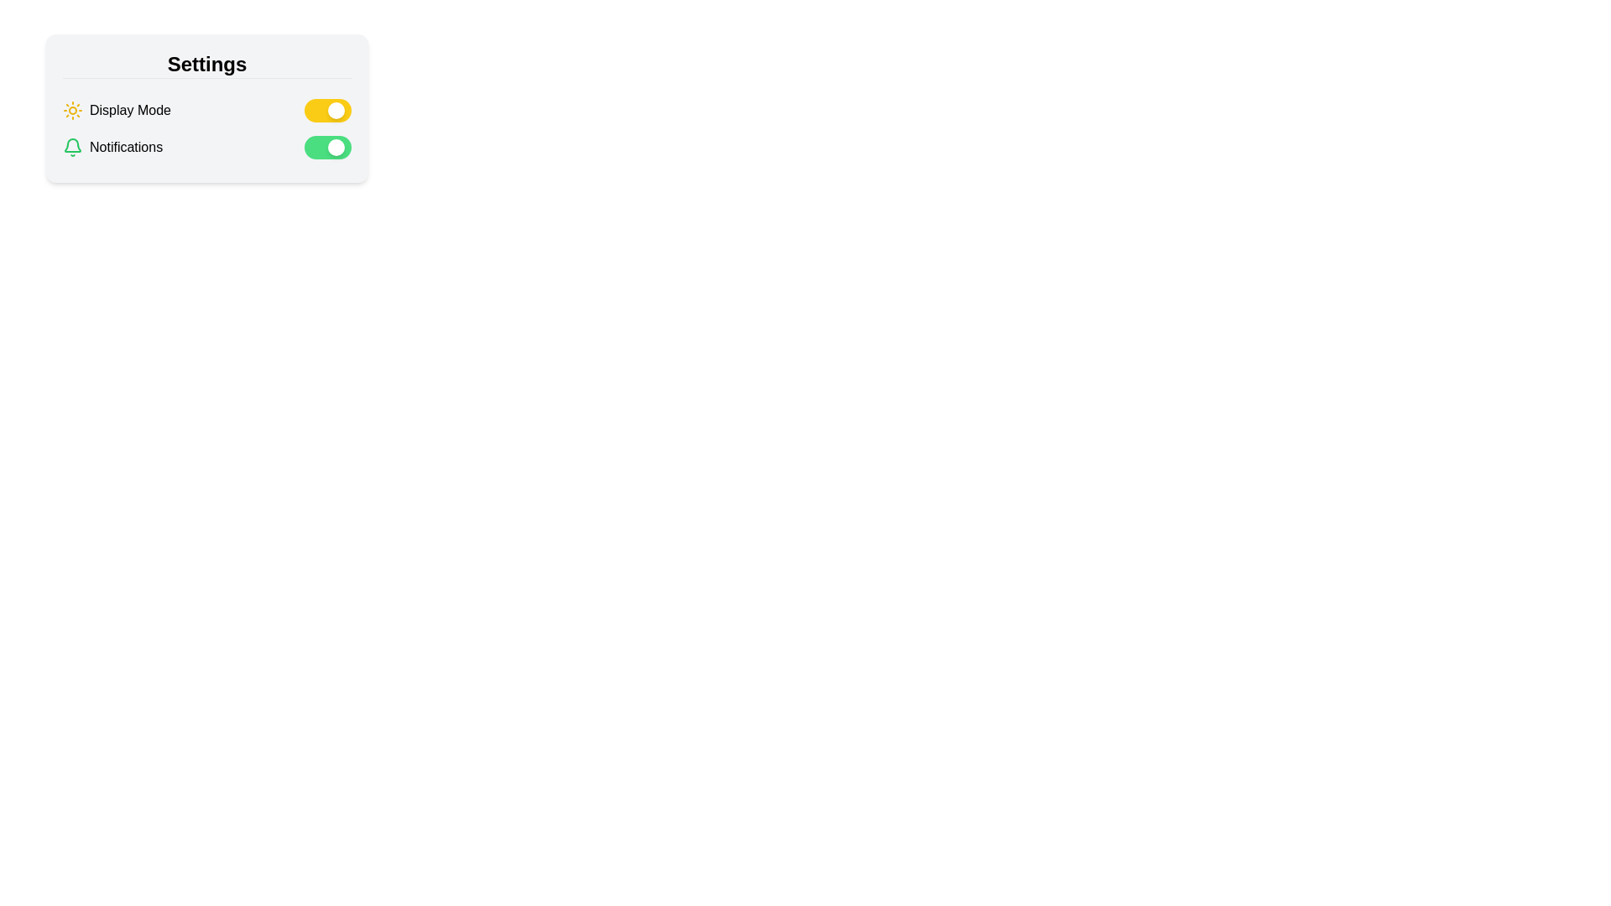 This screenshot has width=1611, height=906. I want to click on the toggle switch for 'Display Mode' located in the 'Settings' section to receive visual feedback, so click(327, 110).